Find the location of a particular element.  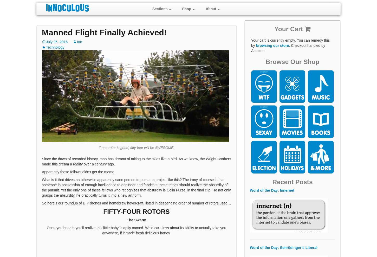

'Checkout handled by Amazon.' is located at coordinates (288, 47).